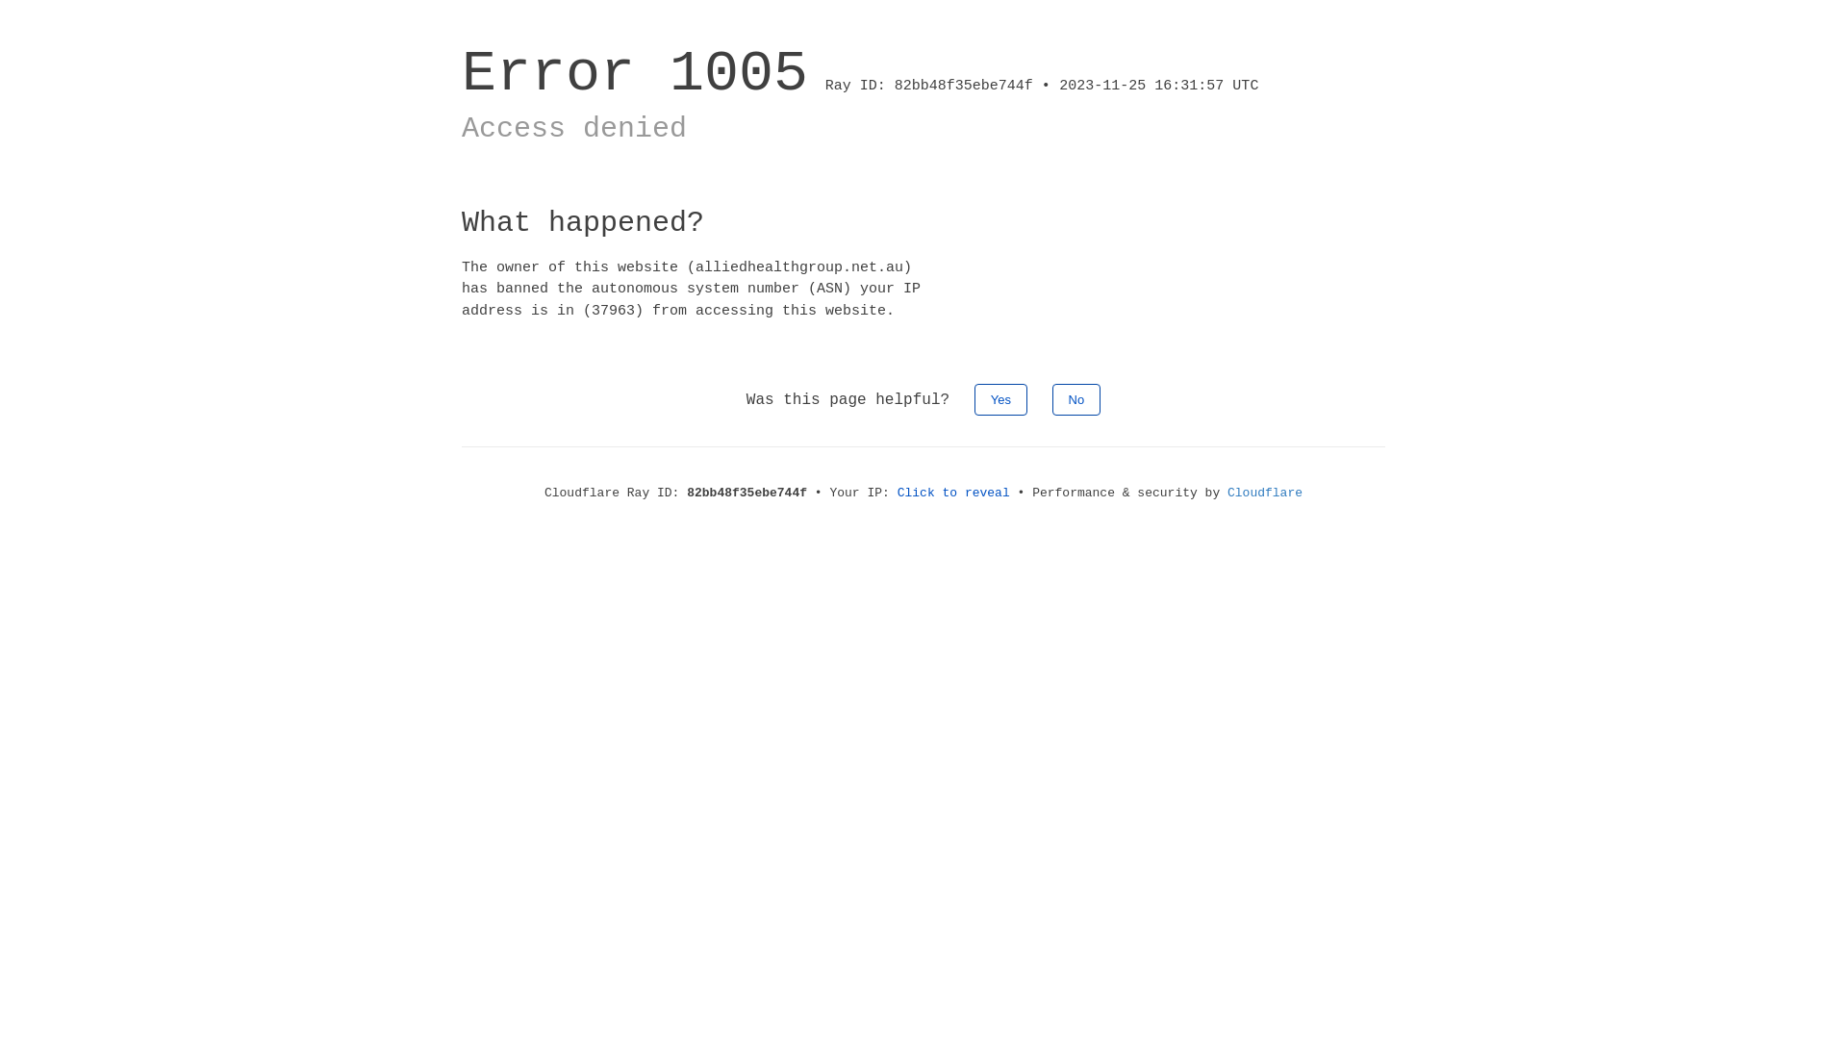 The width and height of the screenshot is (1847, 1039). I want to click on 'Click to reveal', so click(953, 492).